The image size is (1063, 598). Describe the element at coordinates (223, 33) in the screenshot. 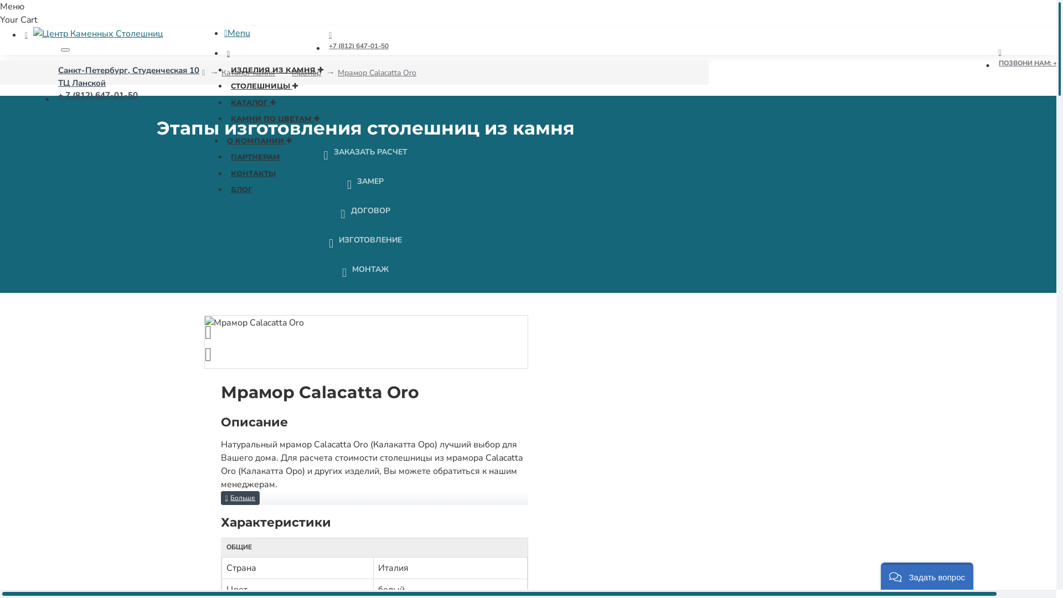

I see `'Menu'` at that location.